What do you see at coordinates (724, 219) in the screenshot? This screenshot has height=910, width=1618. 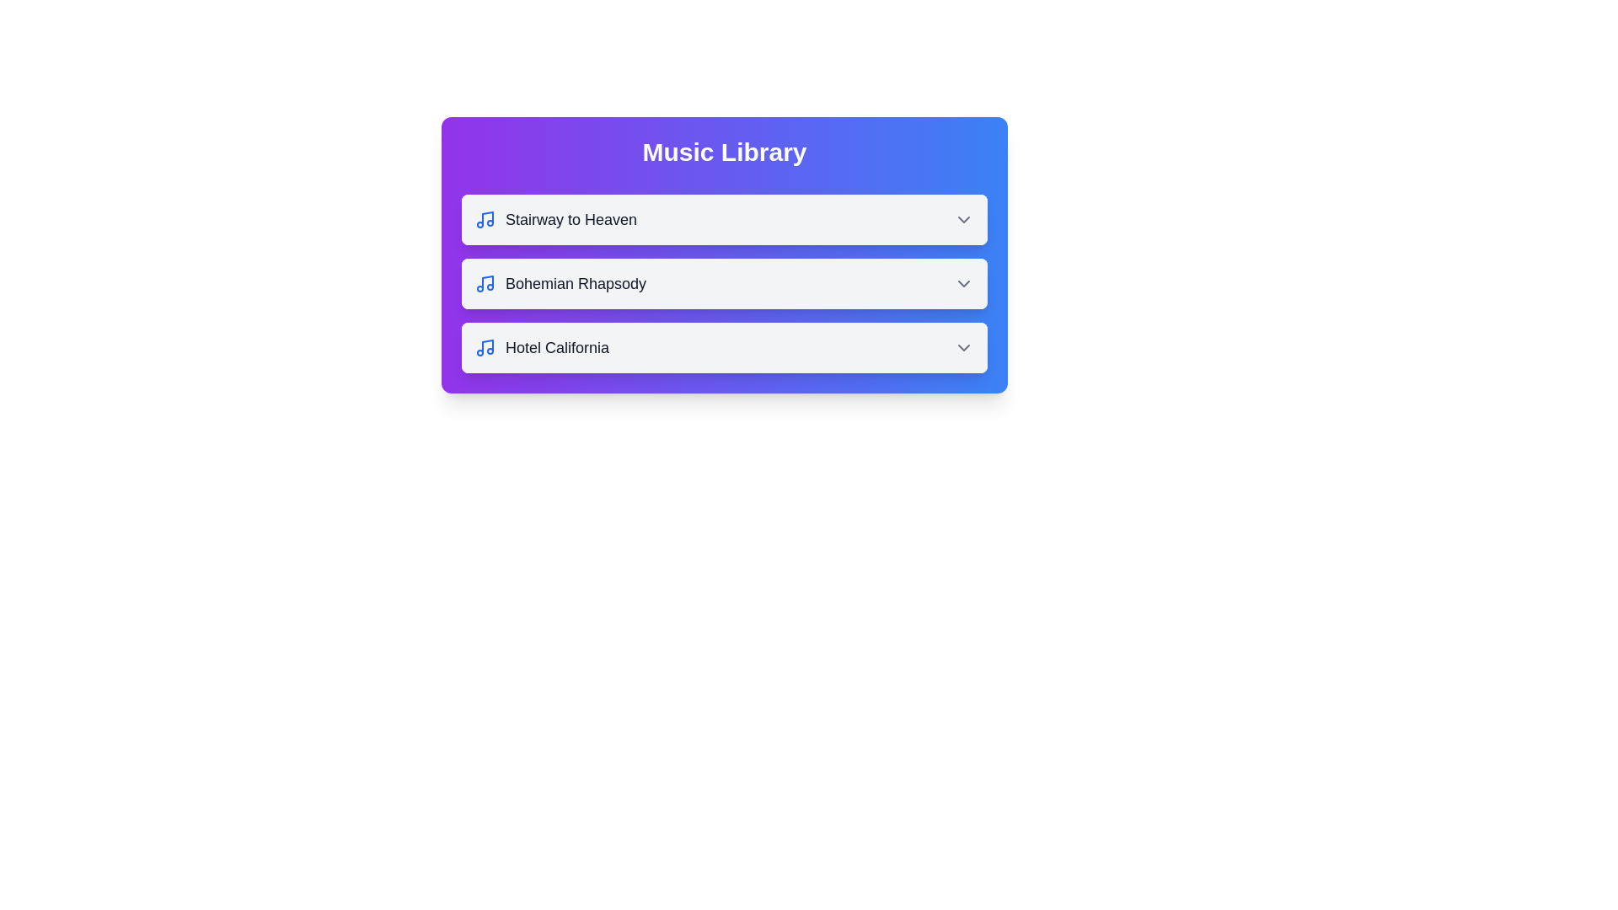 I see `the first Expandable List Item labeled 'Stairway to Heaven' in the 'Music Library' section` at bounding box center [724, 219].